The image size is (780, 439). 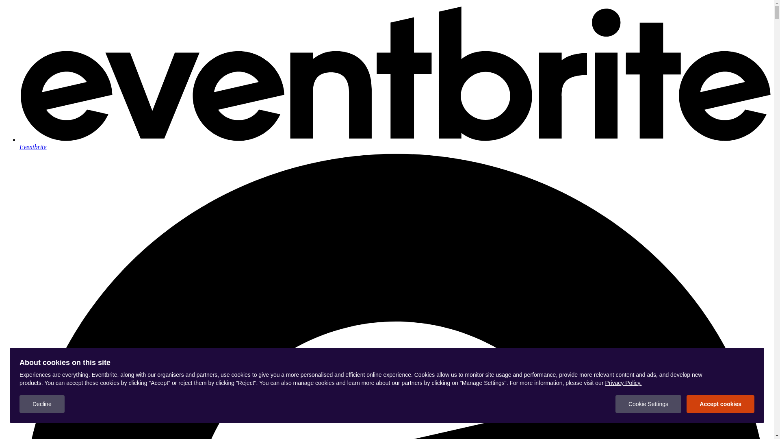 I want to click on 'Privacy Policy.', so click(x=623, y=382).